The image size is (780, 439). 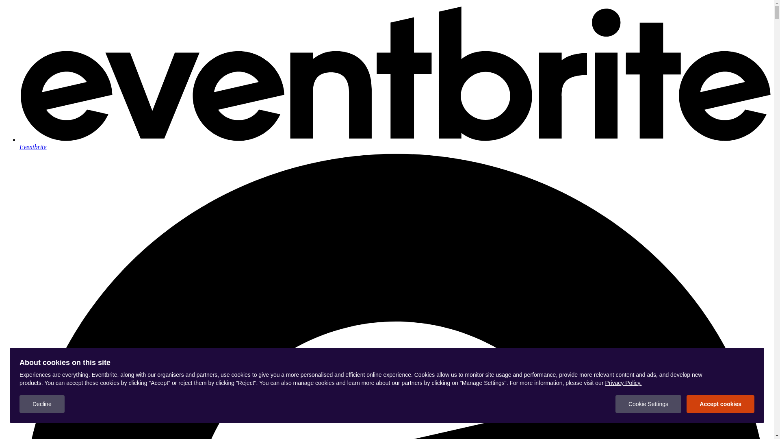 I want to click on 'Privacy Policy.', so click(x=623, y=382).